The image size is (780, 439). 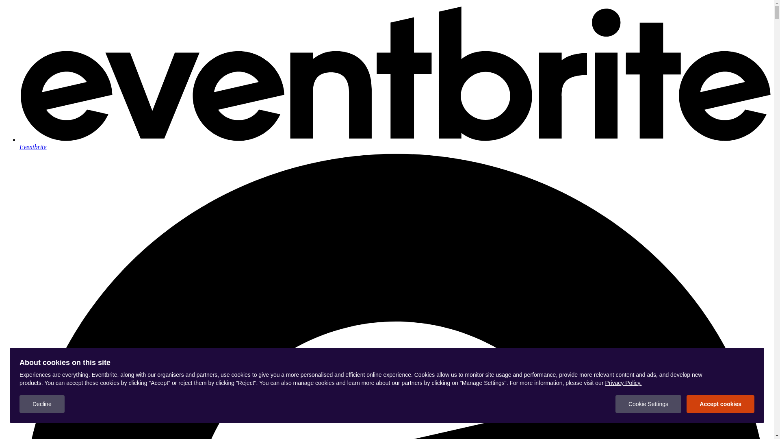 I want to click on 'Privacy Policy.', so click(x=623, y=382).